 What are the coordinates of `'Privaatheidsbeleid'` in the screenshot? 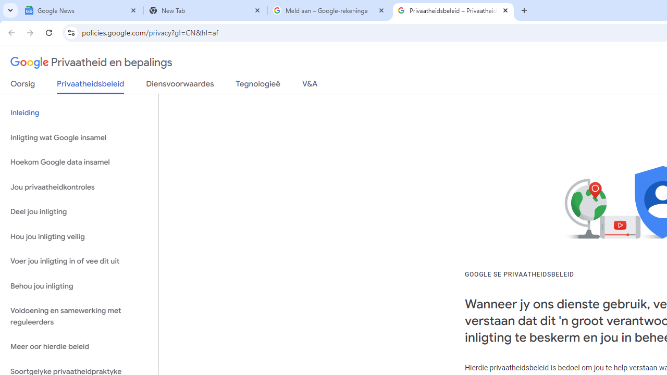 It's located at (91, 86).